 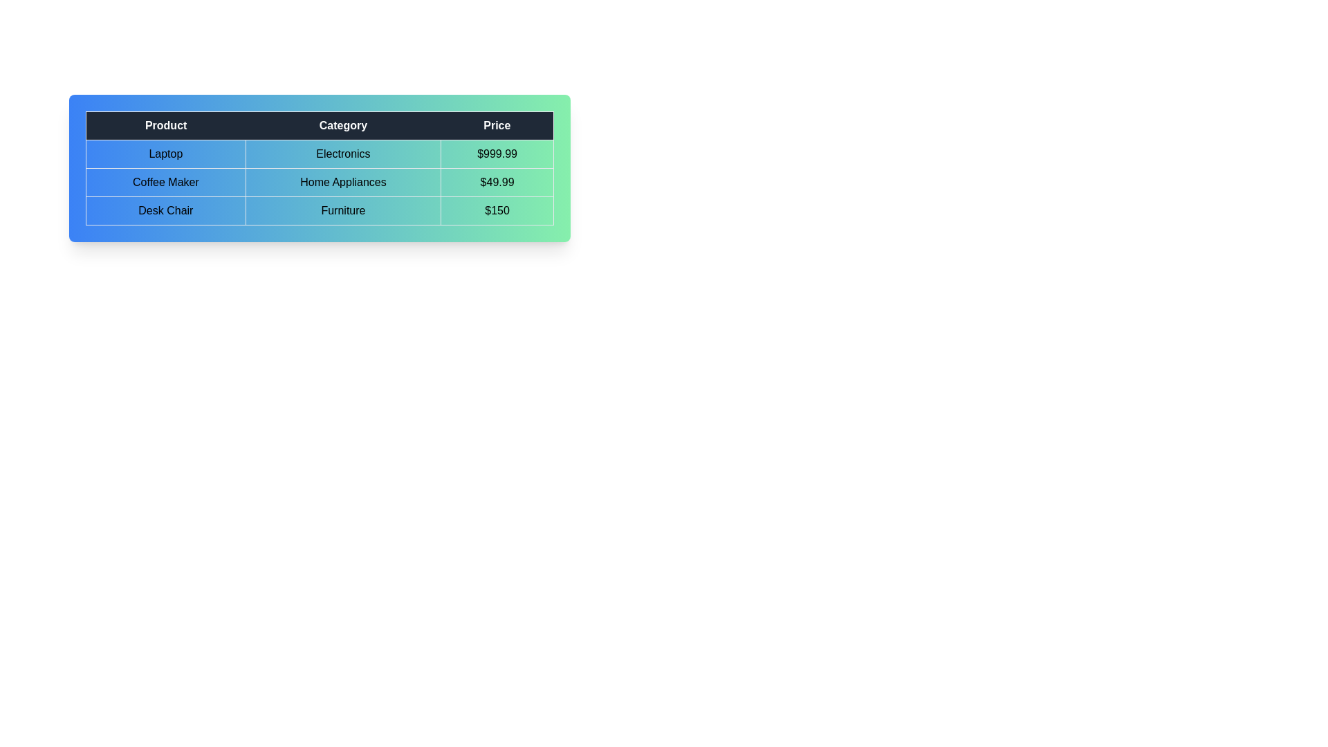 What do you see at coordinates (319, 210) in the screenshot?
I see `the third row in the table displaying details about the product 'Desk Chair'` at bounding box center [319, 210].